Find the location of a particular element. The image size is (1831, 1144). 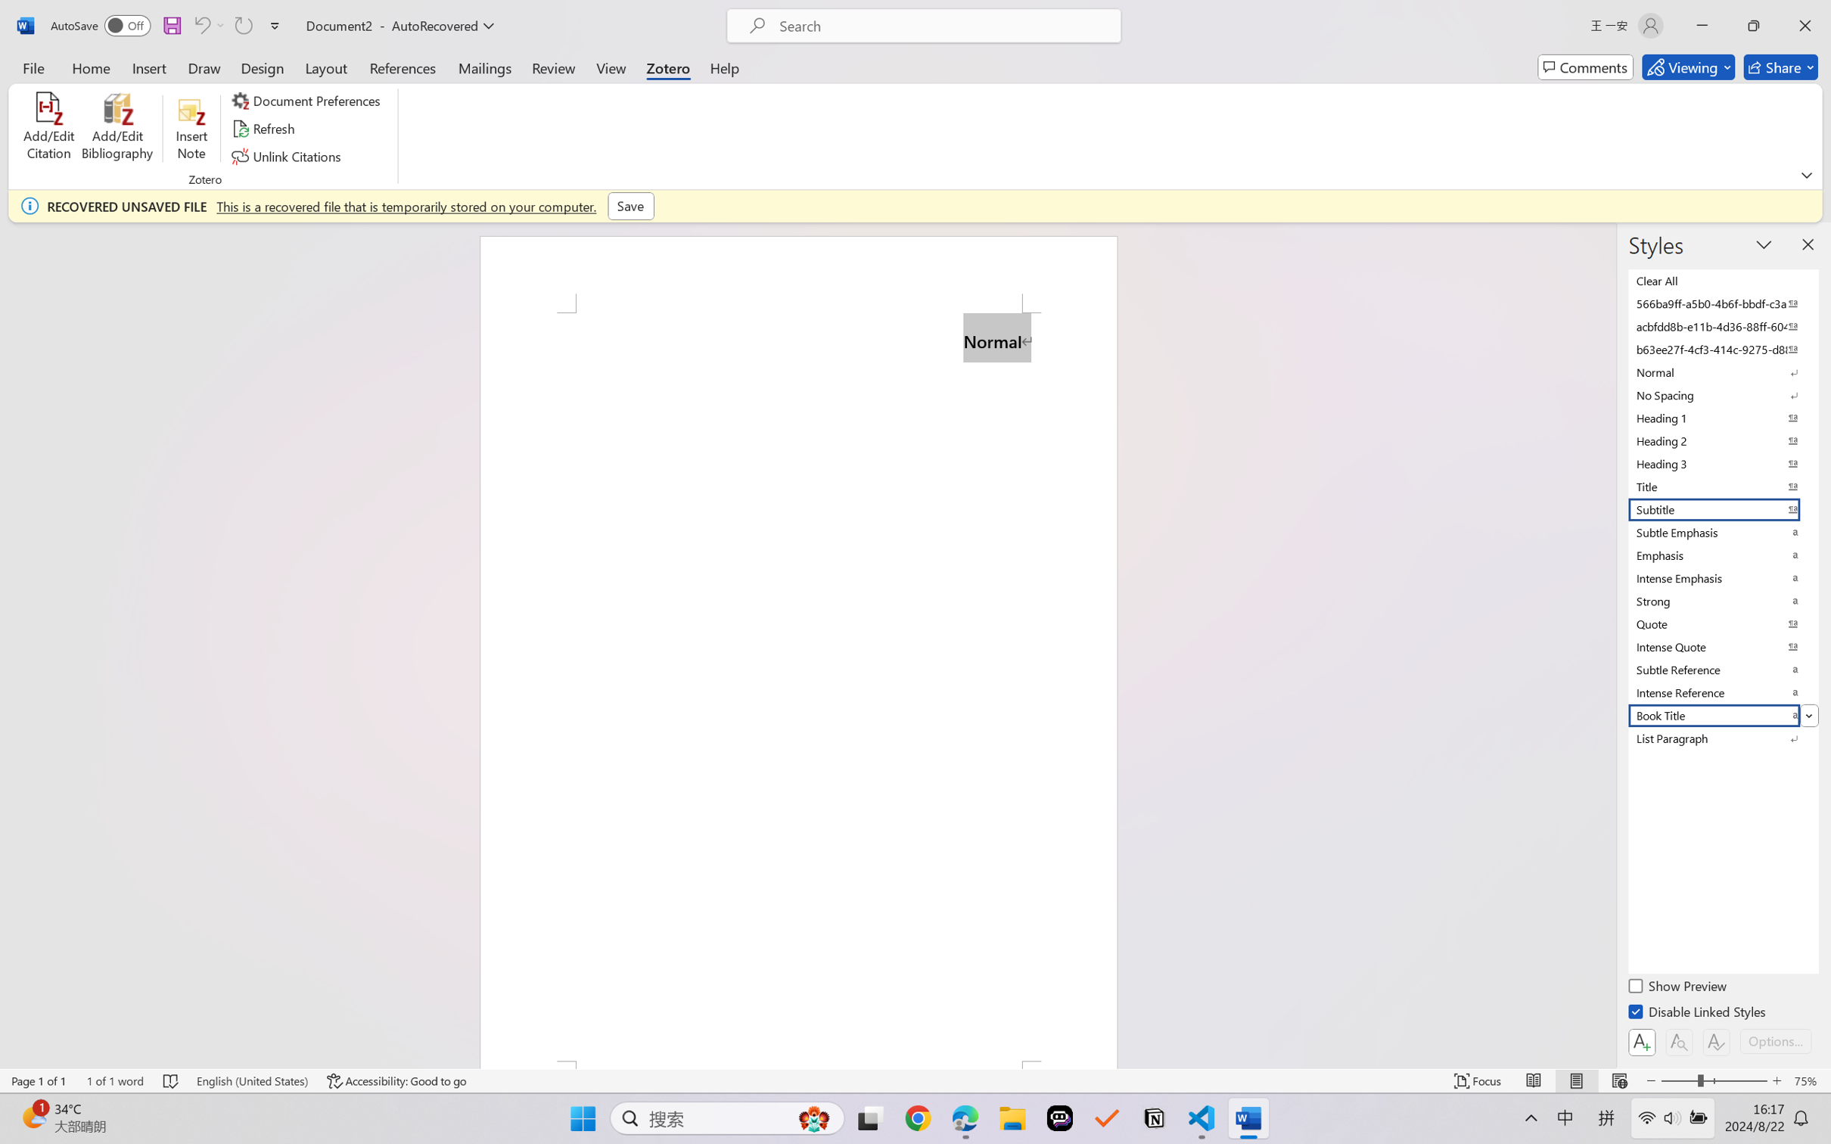

'Quote' is located at coordinates (1721, 623).